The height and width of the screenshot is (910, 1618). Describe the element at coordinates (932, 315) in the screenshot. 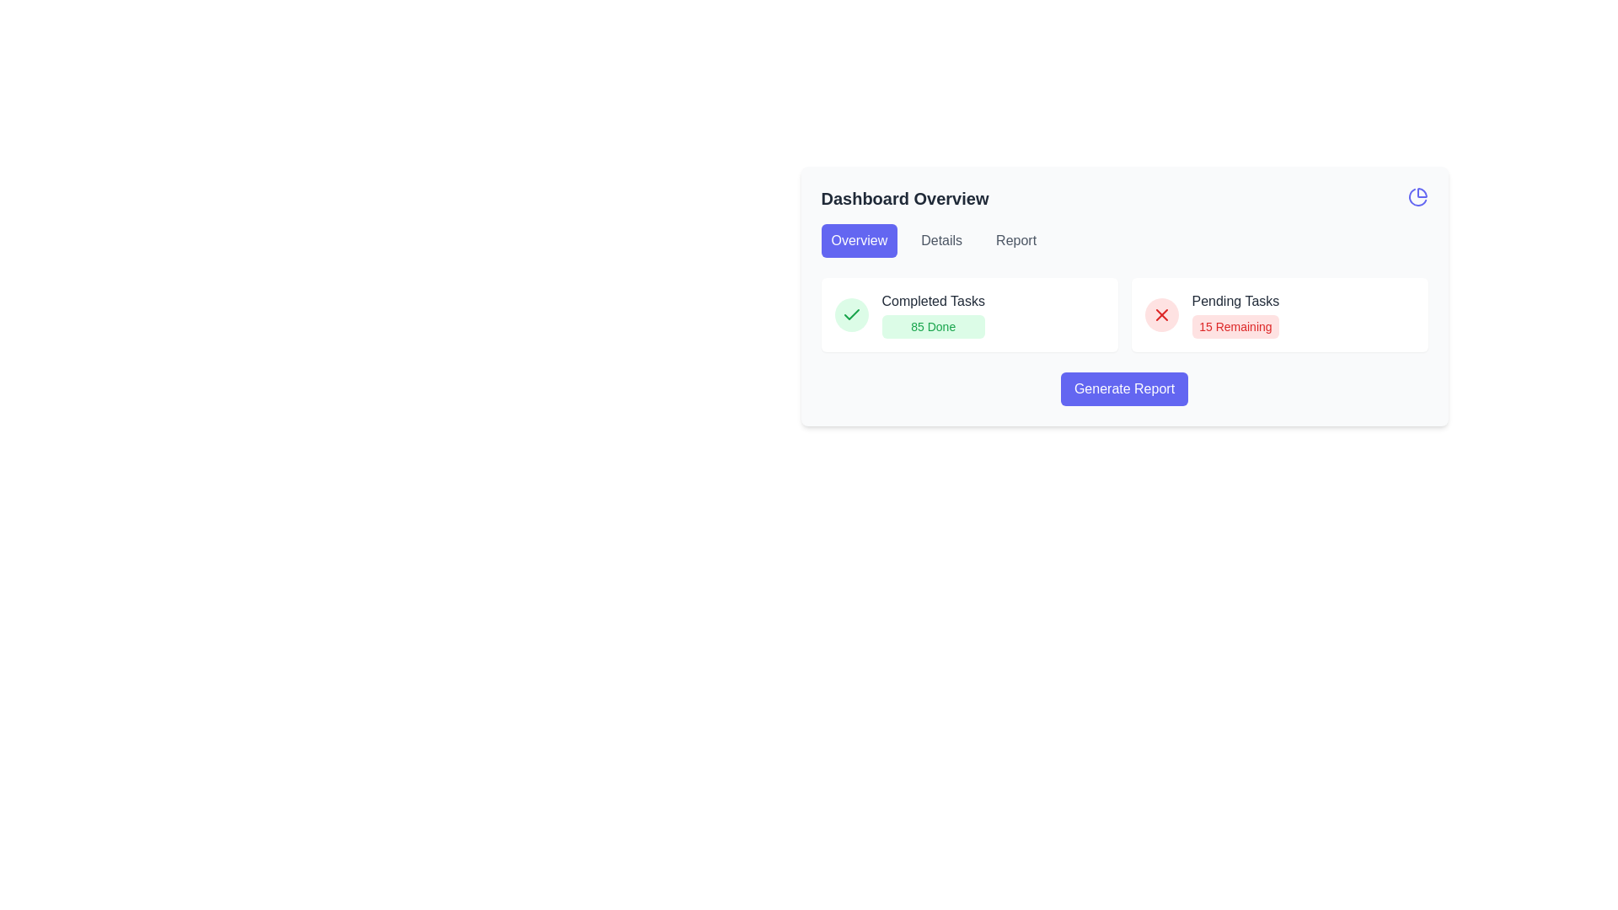

I see `data represented in the text block displaying 'Completed Tasks85 Done', which includes the title 'Completed Tasks' and the highlighted text '85 Done'` at that location.